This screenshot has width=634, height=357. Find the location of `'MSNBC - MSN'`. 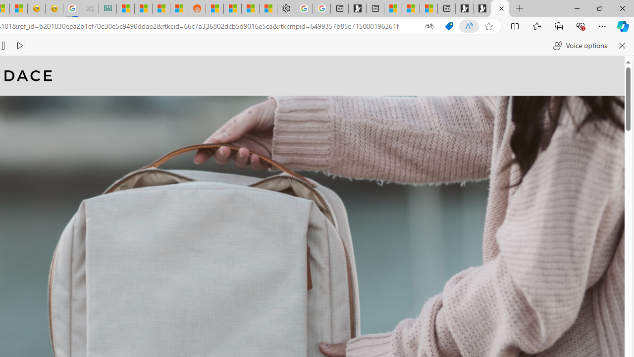

'MSNBC - MSN' is located at coordinates (125, 8).